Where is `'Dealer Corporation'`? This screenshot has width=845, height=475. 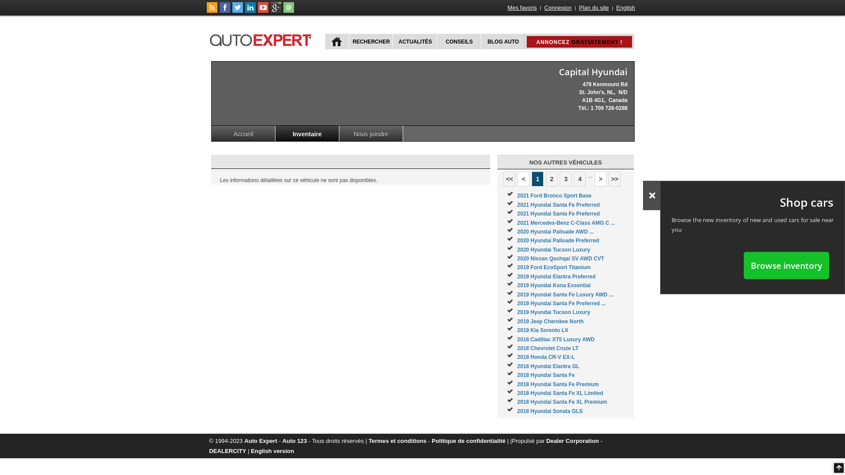 'Dealer Corporation' is located at coordinates (572, 441).